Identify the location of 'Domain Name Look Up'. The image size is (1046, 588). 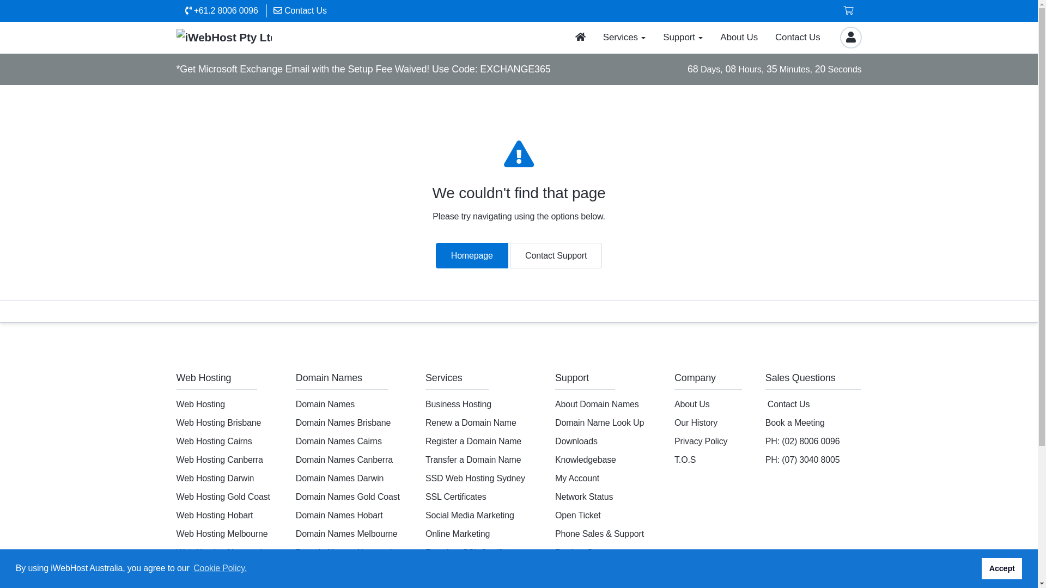
(555, 422).